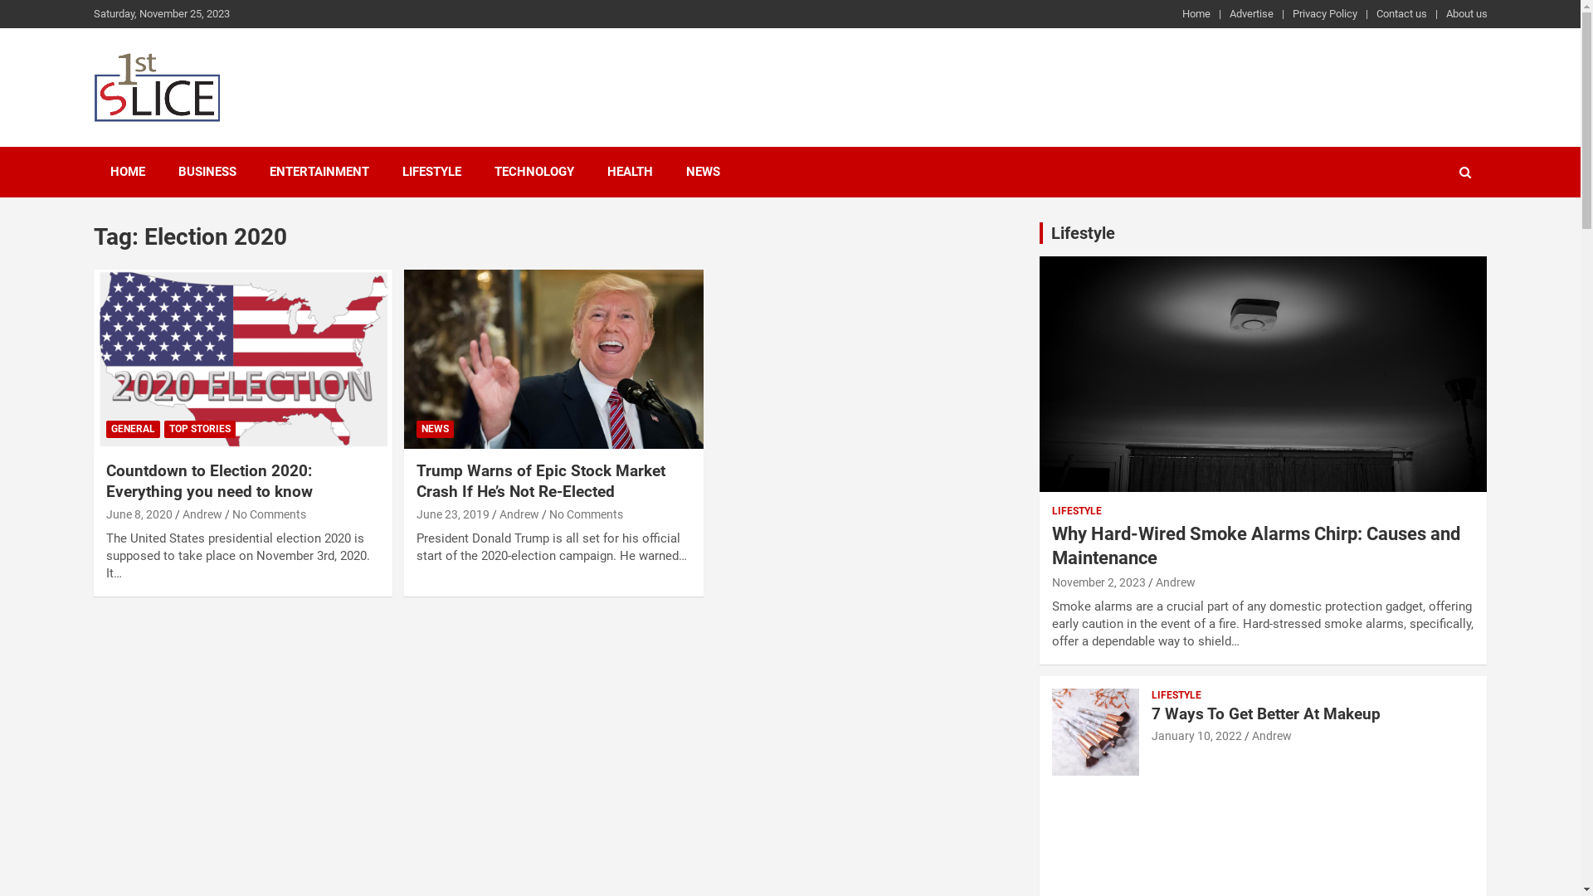 This screenshot has width=1593, height=896. What do you see at coordinates (105, 428) in the screenshot?
I see `'GENERAL'` at bounding box center [105, 428].